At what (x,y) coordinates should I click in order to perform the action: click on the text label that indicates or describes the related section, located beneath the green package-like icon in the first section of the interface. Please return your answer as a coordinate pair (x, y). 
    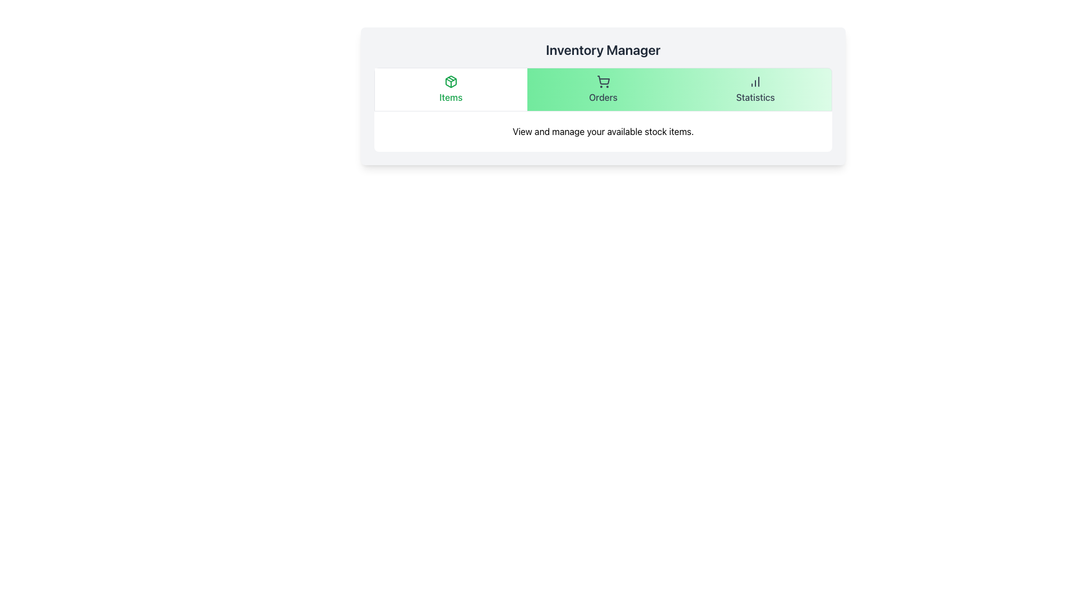
    Looking at the image, I should click on (451, 96).